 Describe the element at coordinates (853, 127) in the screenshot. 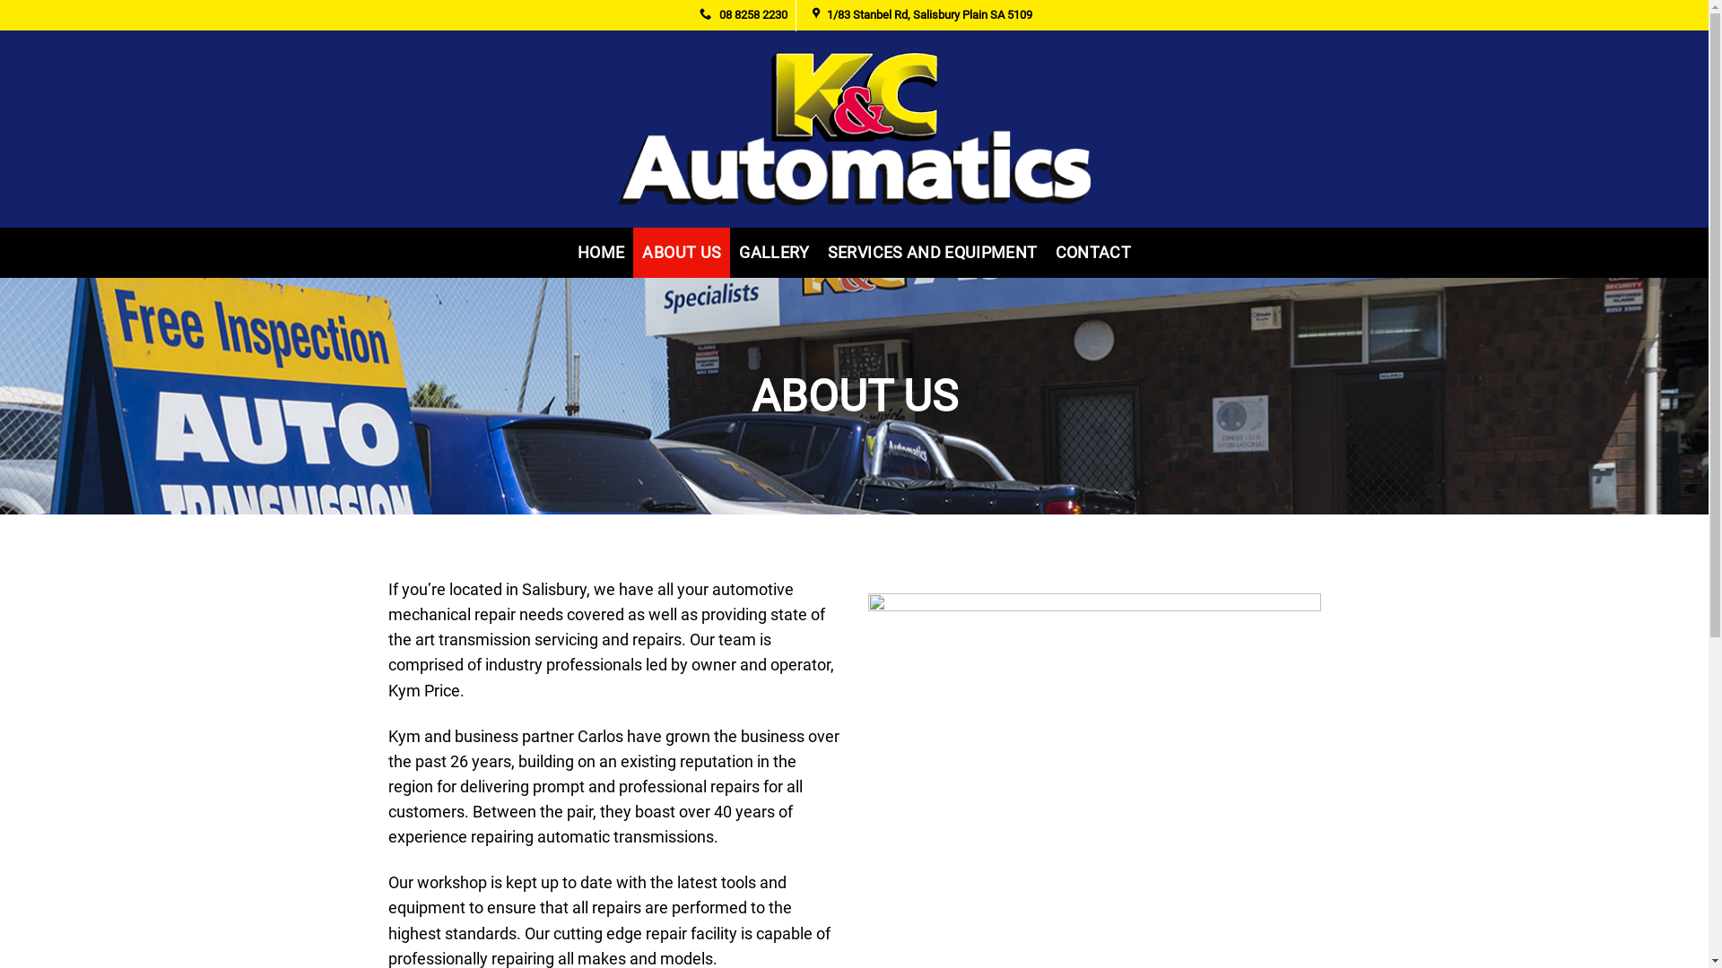

I see `'K & C Automatics'` at that location.